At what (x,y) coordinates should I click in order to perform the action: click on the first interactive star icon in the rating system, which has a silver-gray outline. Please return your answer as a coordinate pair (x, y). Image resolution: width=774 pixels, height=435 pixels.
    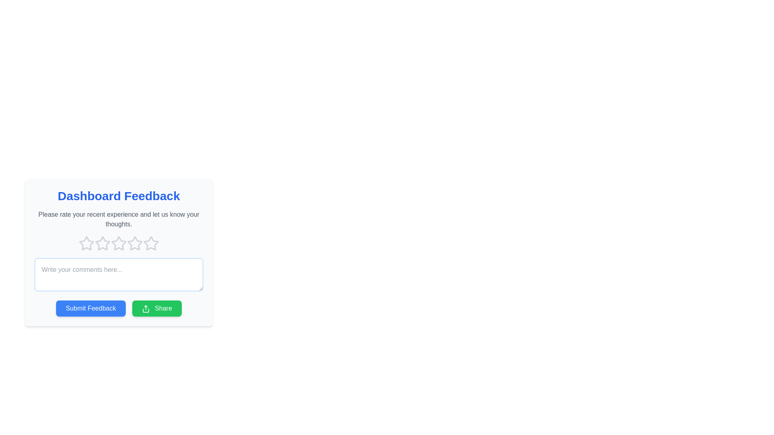
    Looking at the image, I should click on (86, 243).